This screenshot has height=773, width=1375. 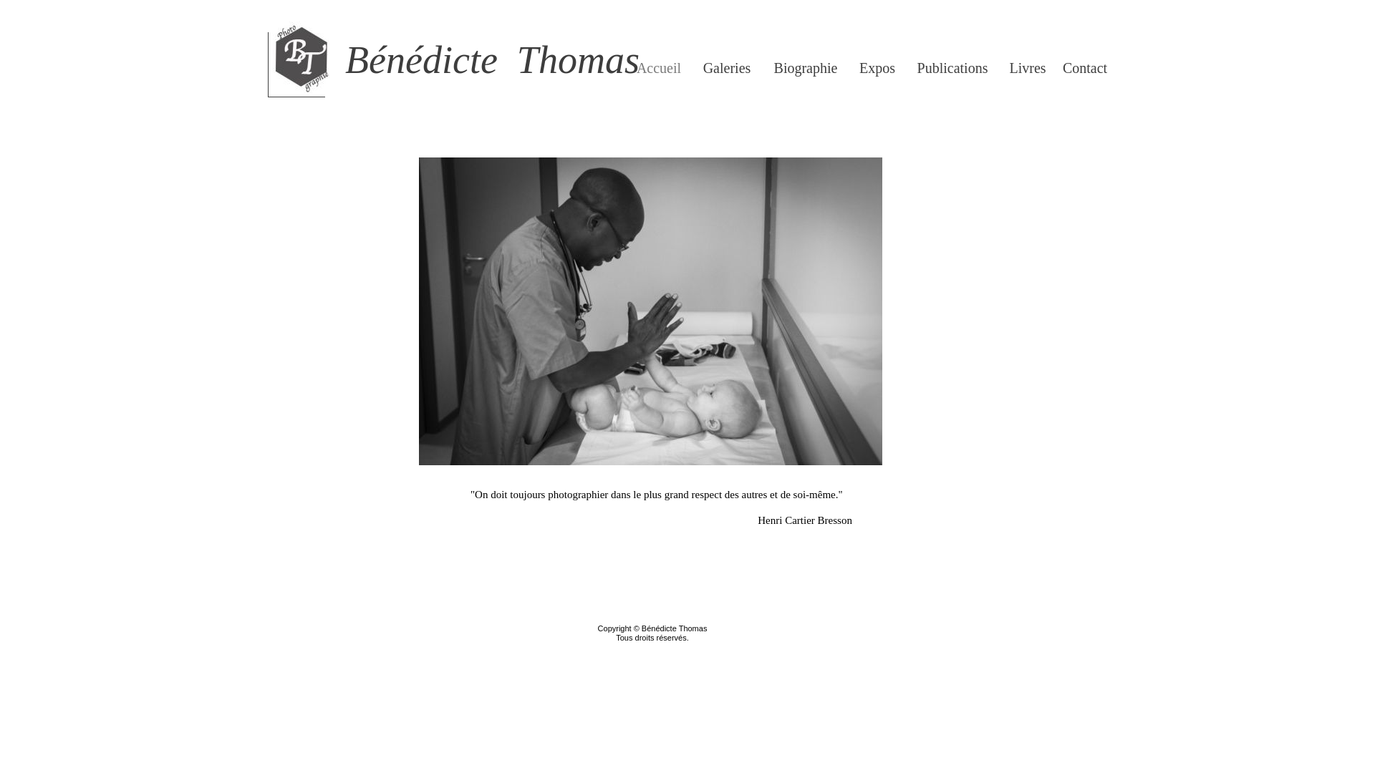 What do you see at coordinates (1026, 68) in the screenshot?
I see `'Livres'` at bounding box center [1026, 68].